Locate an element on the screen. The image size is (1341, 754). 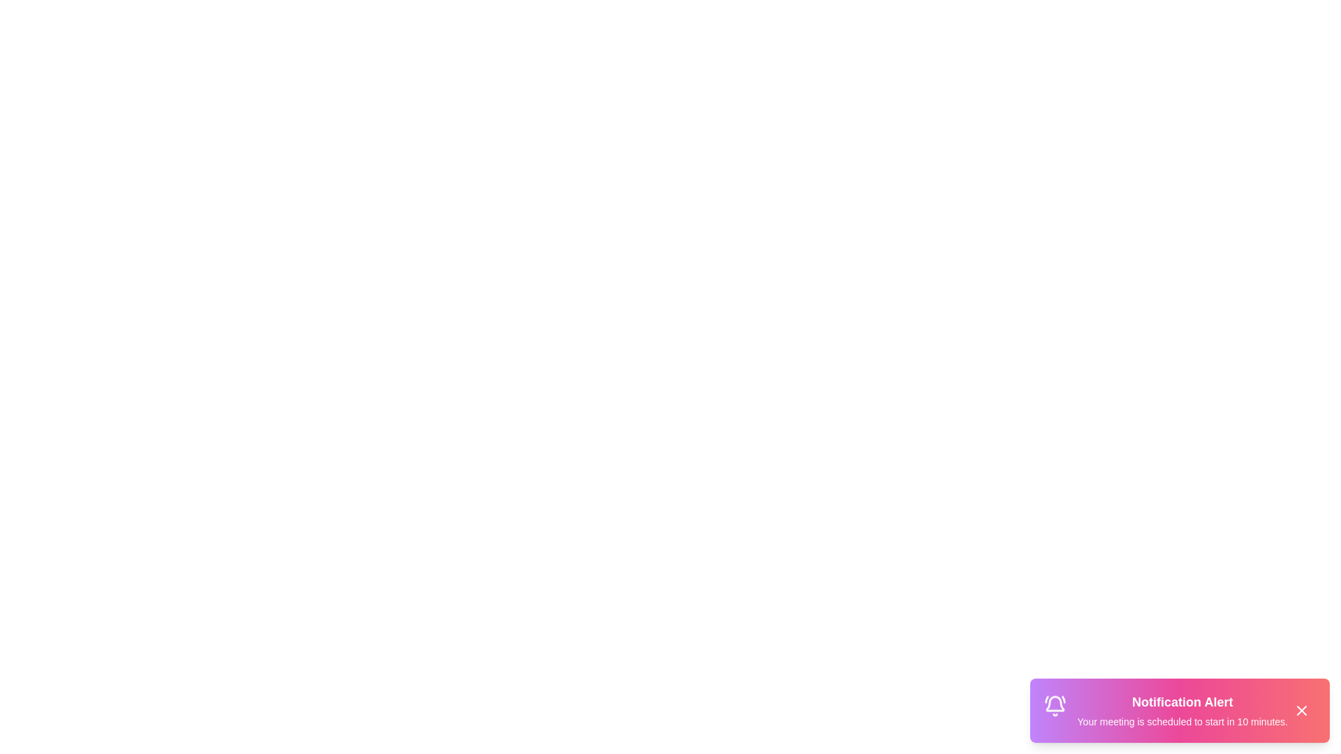
the notification to focus on it is located at coordinates (1179, 711).